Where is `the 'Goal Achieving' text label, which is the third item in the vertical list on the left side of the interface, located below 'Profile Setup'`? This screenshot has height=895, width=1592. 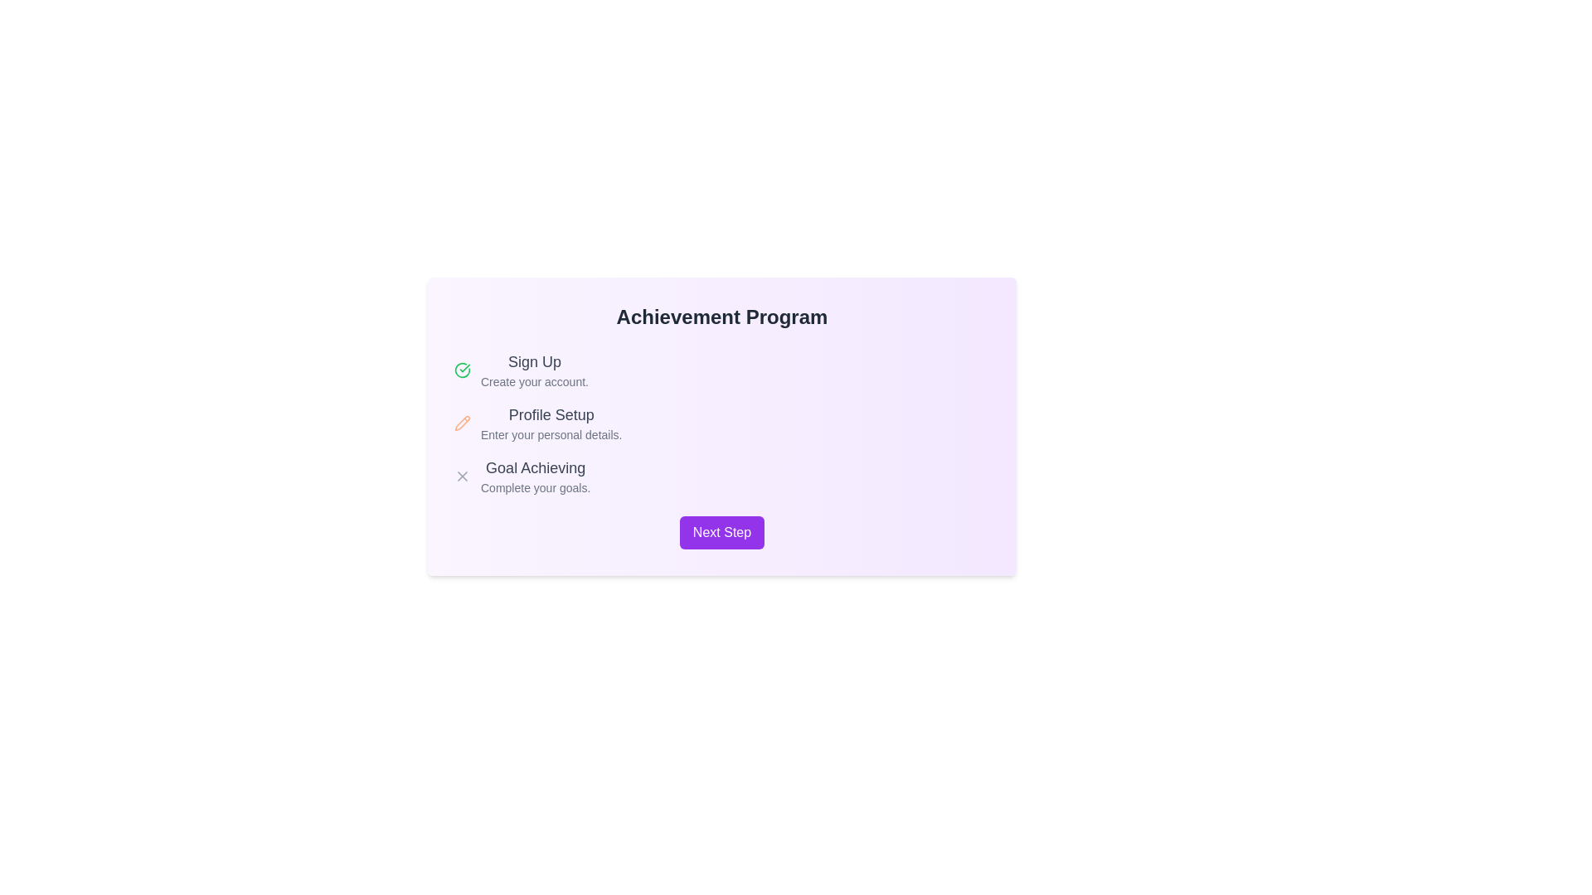 the 'Goal Achieving' text label, which is the third item in the vertical list on the left side of the interface, located below 'Profile Setup' is located at coordinates (536, 467).